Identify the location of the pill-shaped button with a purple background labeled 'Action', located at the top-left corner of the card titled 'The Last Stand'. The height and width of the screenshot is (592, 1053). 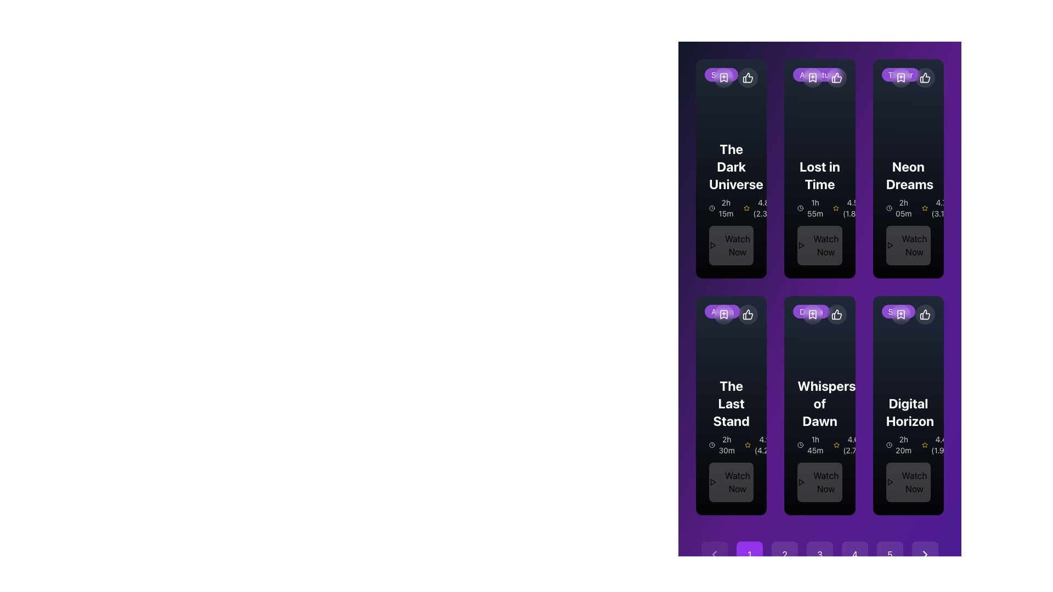
(722, 311).